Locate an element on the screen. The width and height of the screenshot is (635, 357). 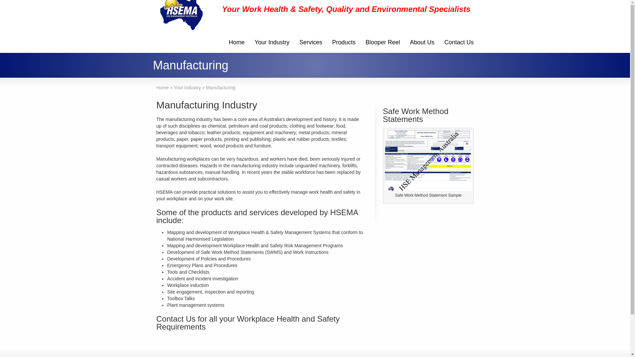
'Your Industry' is located at coordinates (272, 43).